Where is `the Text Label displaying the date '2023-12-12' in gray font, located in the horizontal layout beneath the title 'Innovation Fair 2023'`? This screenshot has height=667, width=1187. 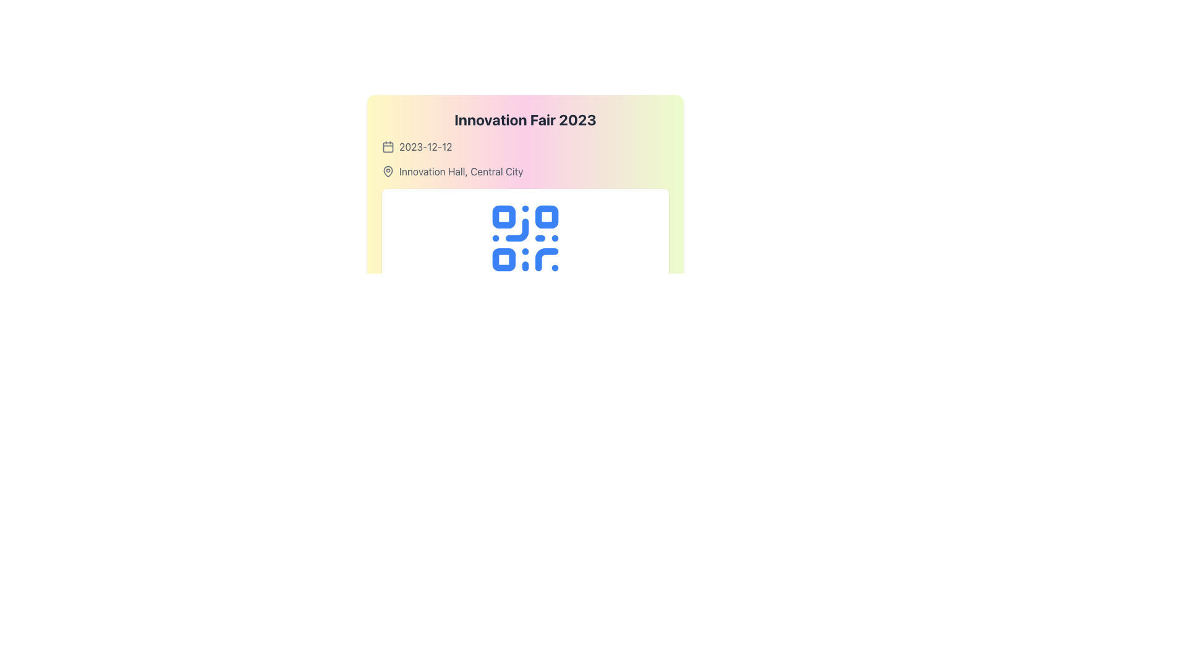
the Text Label displaying the date '2023-12-12' in gray font, located in the horizontal layout beneath the title 'Innovation Fair 2023' is located at coordinates (425, 146).